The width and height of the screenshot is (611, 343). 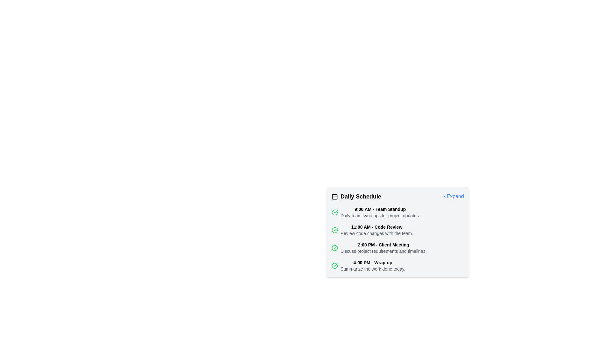 What do you see at coordinates (383, 245) in the screenshot?
I see `the Text Label that serves as the title of the schedule entry, which is the third entry in the list beneath 'Daily Schedule'` at bounding box center [383, 245].